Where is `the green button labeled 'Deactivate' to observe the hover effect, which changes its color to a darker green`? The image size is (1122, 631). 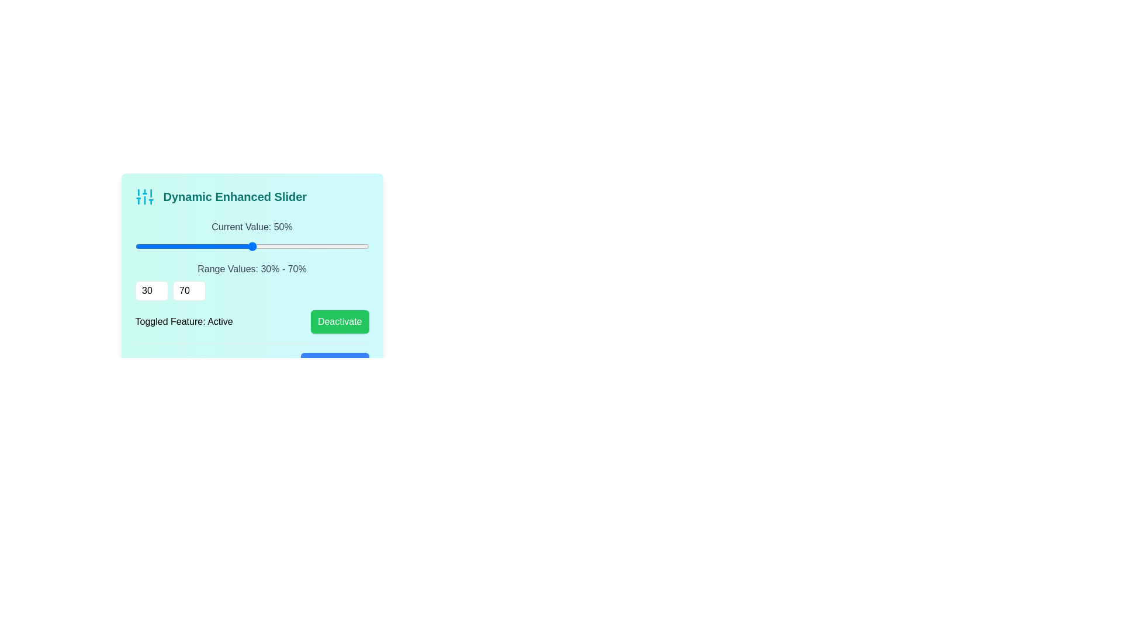
the green button labeled 'Deactivate' to observe the hover effect, which changes its color to a darker green is located at coordinates (339, 322).